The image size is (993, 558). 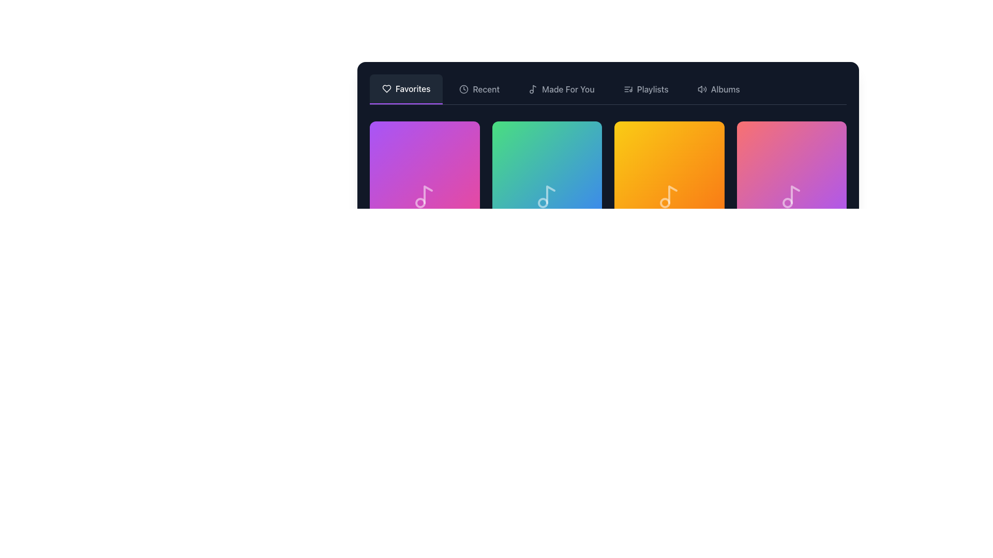 What do you see at coordinates (718, 89) in the screenshot?
I see `the sixth tab in the horizontal navigation bar that accesses the 'Albums' section, located to the right of the 'Playlists' tab and to the left of the 'Favorites' tab, to activate hover effects` at bounding box center [718, 89].